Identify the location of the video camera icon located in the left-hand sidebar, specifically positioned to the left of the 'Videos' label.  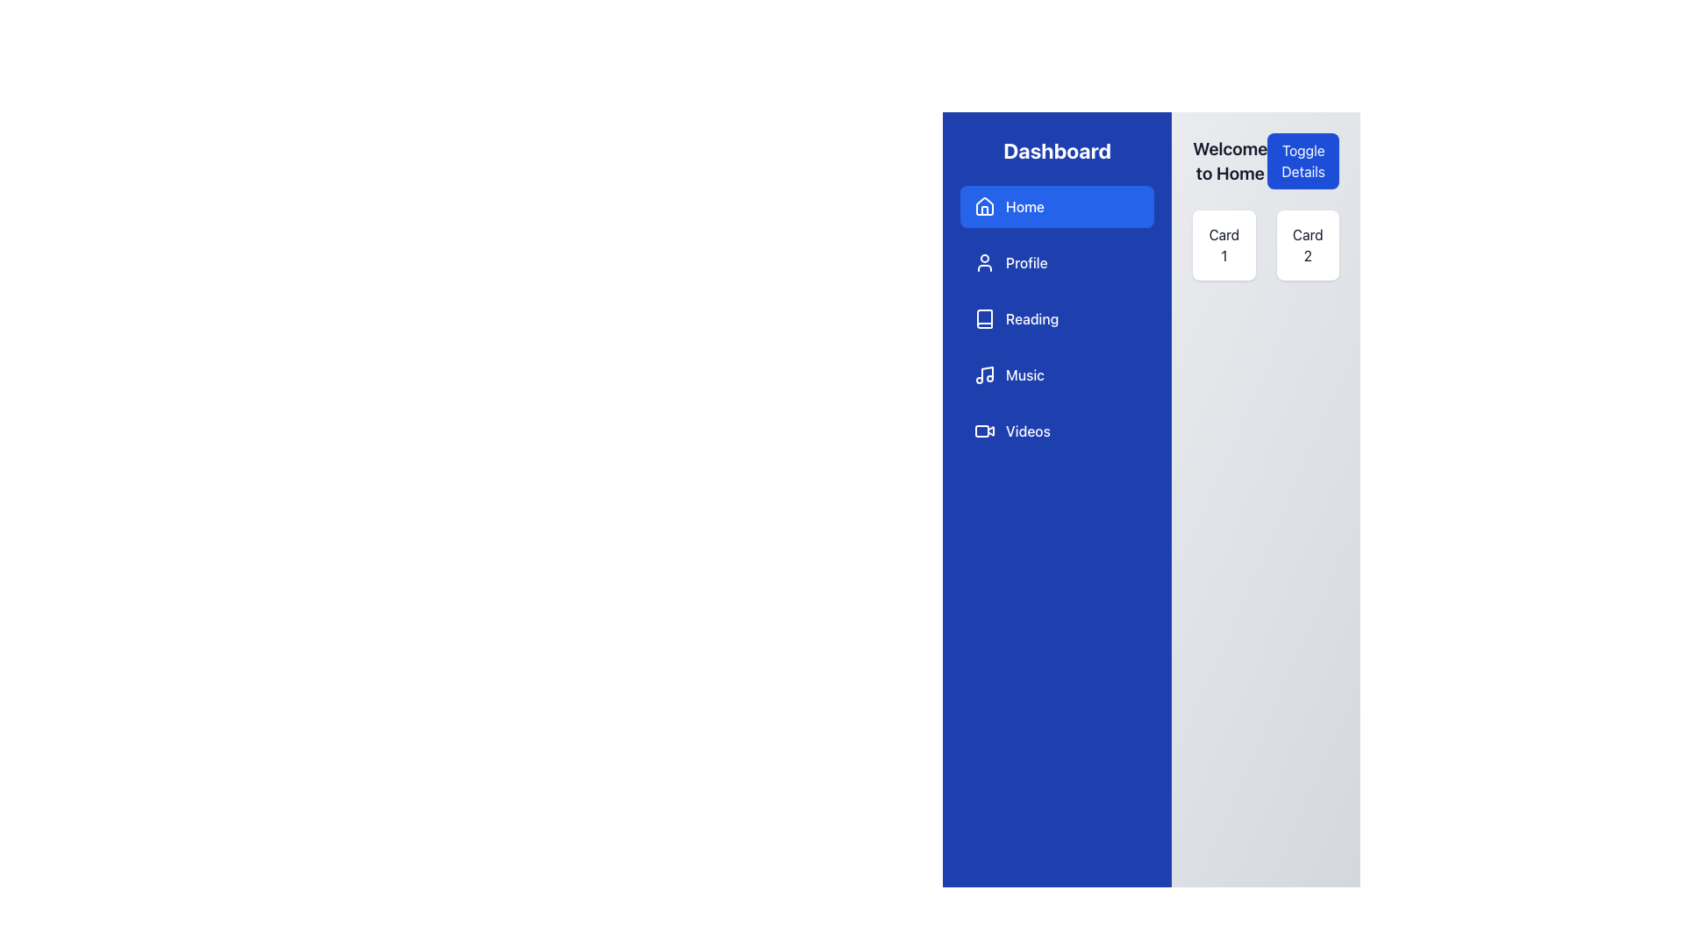
(985, 431).